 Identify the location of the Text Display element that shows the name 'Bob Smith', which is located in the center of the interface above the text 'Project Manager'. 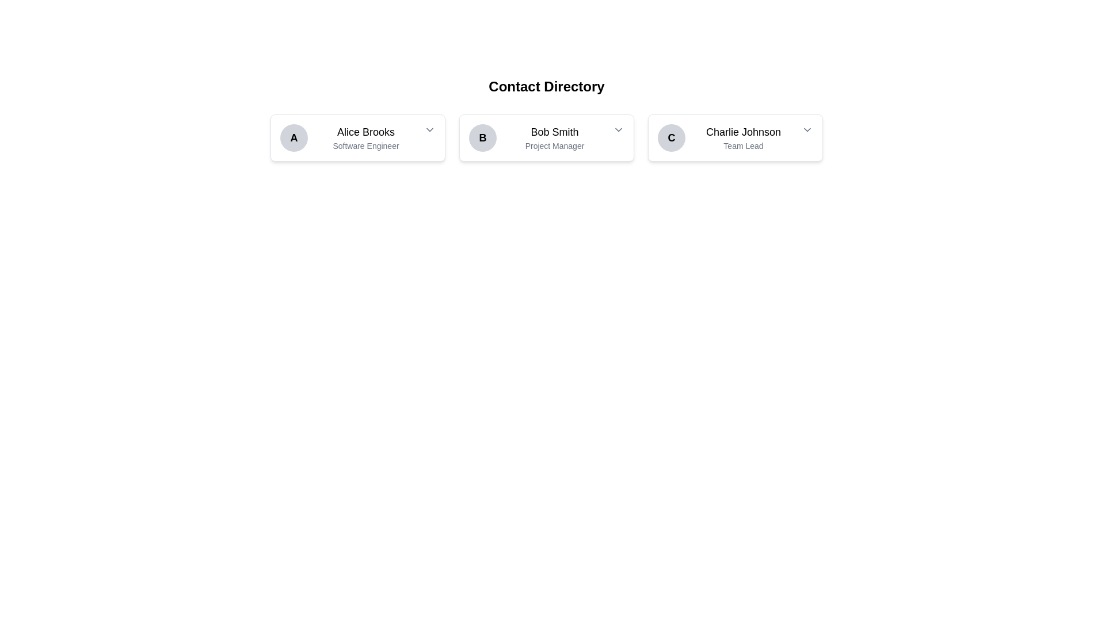
(555, 132).